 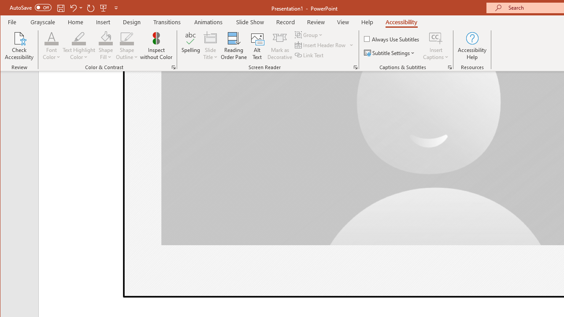 I want to click on 'Screen Reader', so click(x=356, y=67).